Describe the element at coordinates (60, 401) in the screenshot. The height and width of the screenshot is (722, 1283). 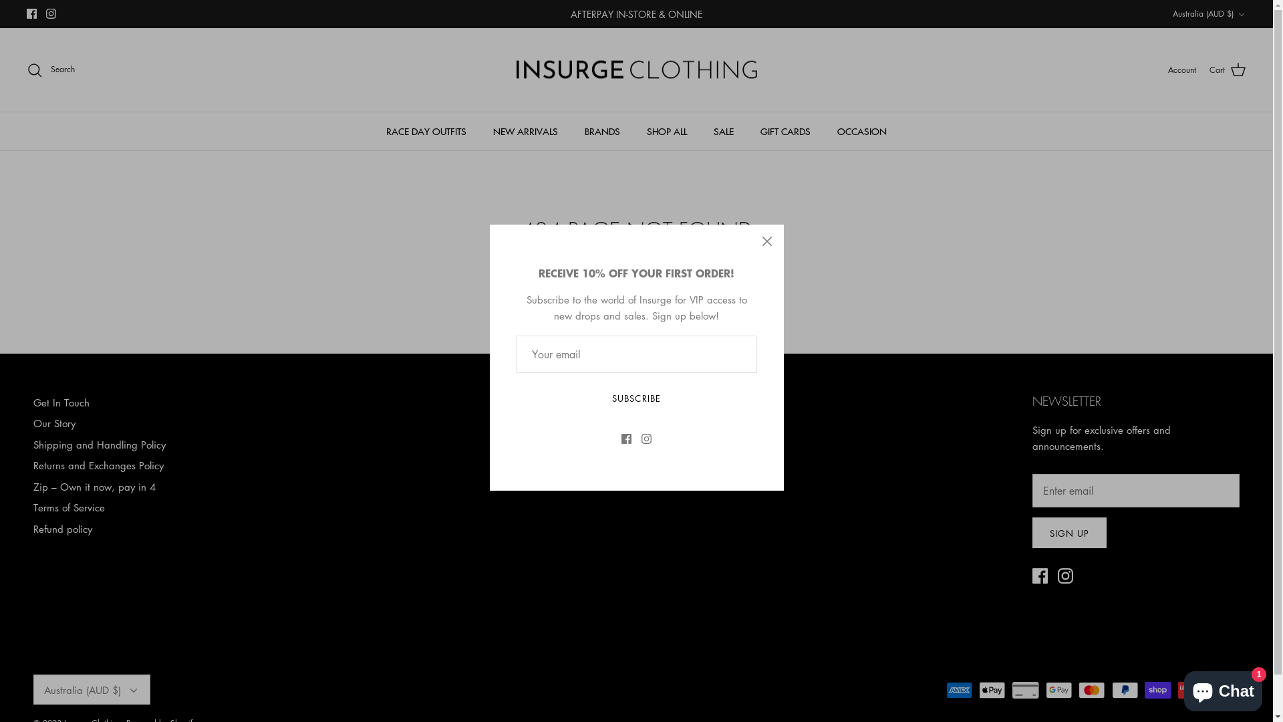
I see `'Get In Touch'` at that location.